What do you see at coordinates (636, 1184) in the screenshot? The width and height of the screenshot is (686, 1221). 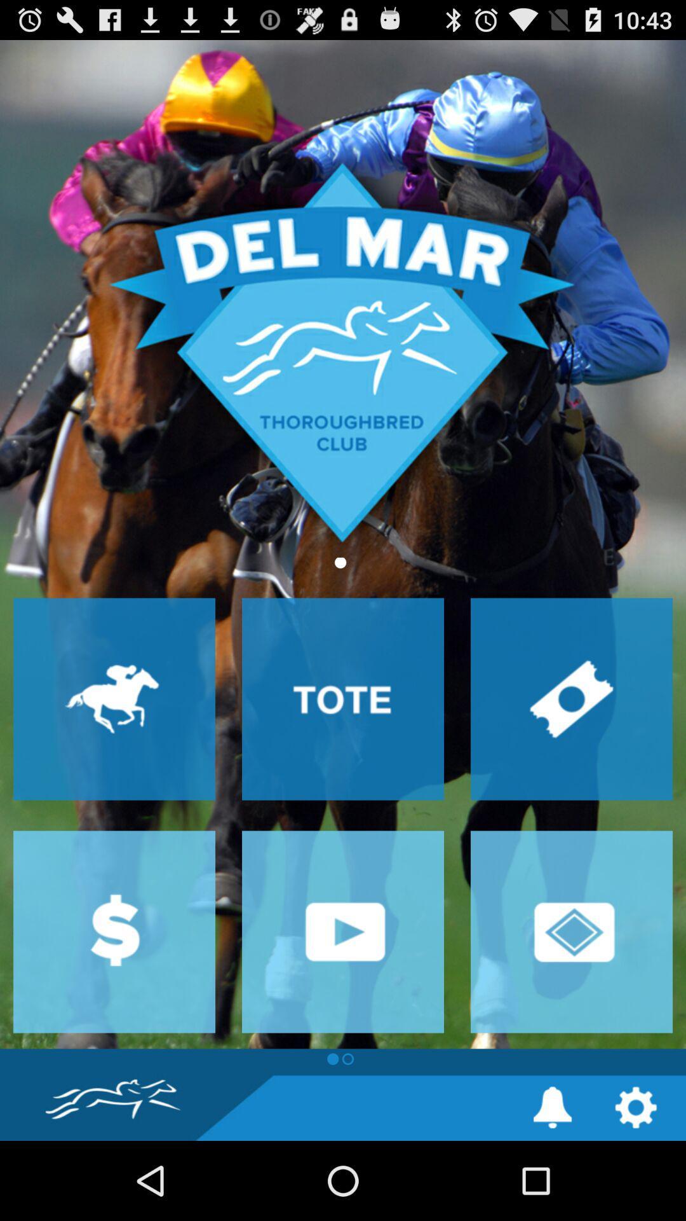 I see `the settings icon` at bounding box center [636, 1184].